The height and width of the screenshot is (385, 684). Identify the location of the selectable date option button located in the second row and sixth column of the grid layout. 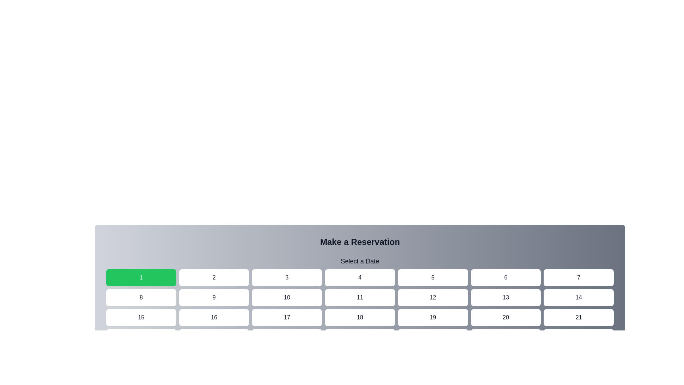
(505, 297).